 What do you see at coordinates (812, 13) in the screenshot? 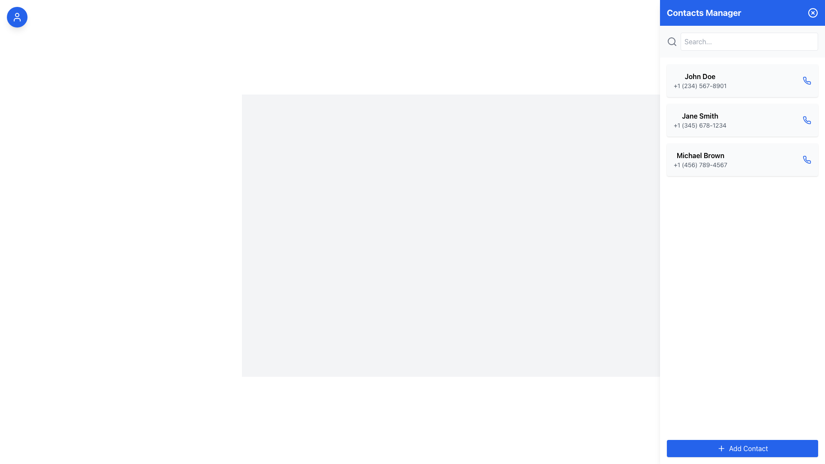
I see `the close button located on the far right side of the blue header bar labeled 'Contacts Manager'` at bounding box center [812, 13].